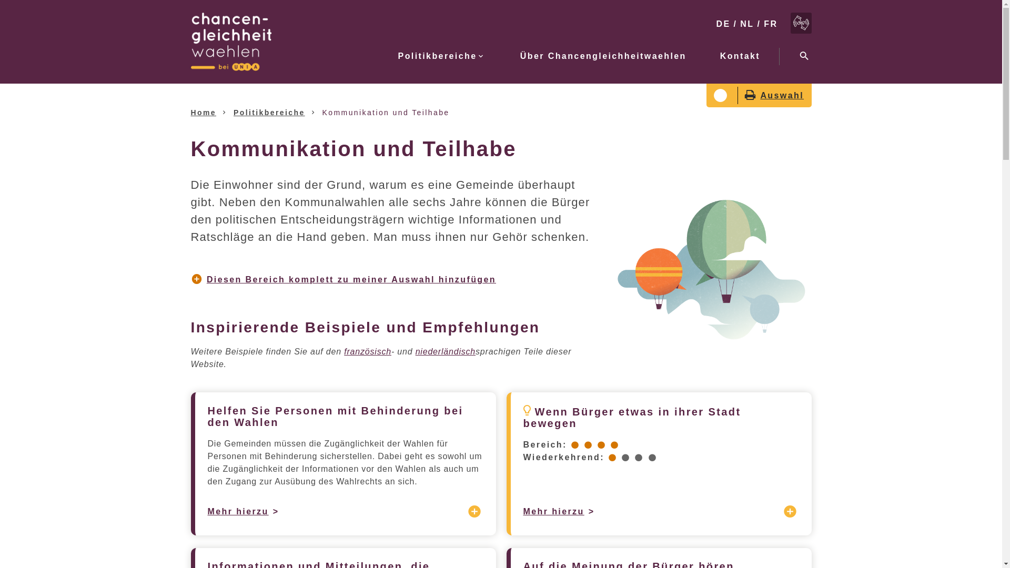 The image size is (1010, 568). I want to click on 'Kommunikation und Teilhabe', so click(386, 112).